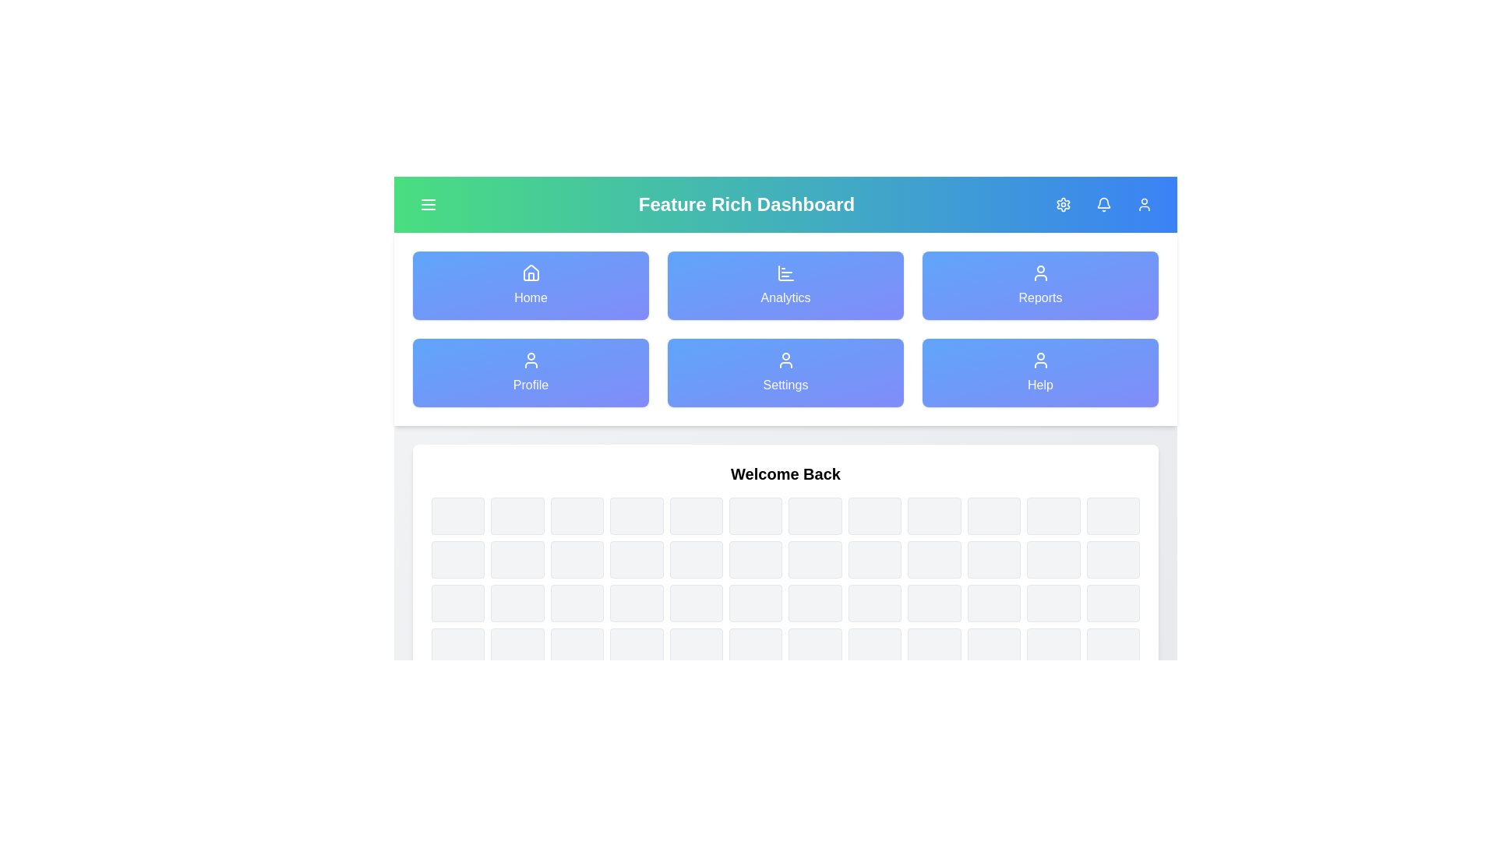 This screenshot has width=1496, height=841. Describe the element at coordinates (1040, 285) in the screenshot. I see `the navigation item labeled Reports` at that location.